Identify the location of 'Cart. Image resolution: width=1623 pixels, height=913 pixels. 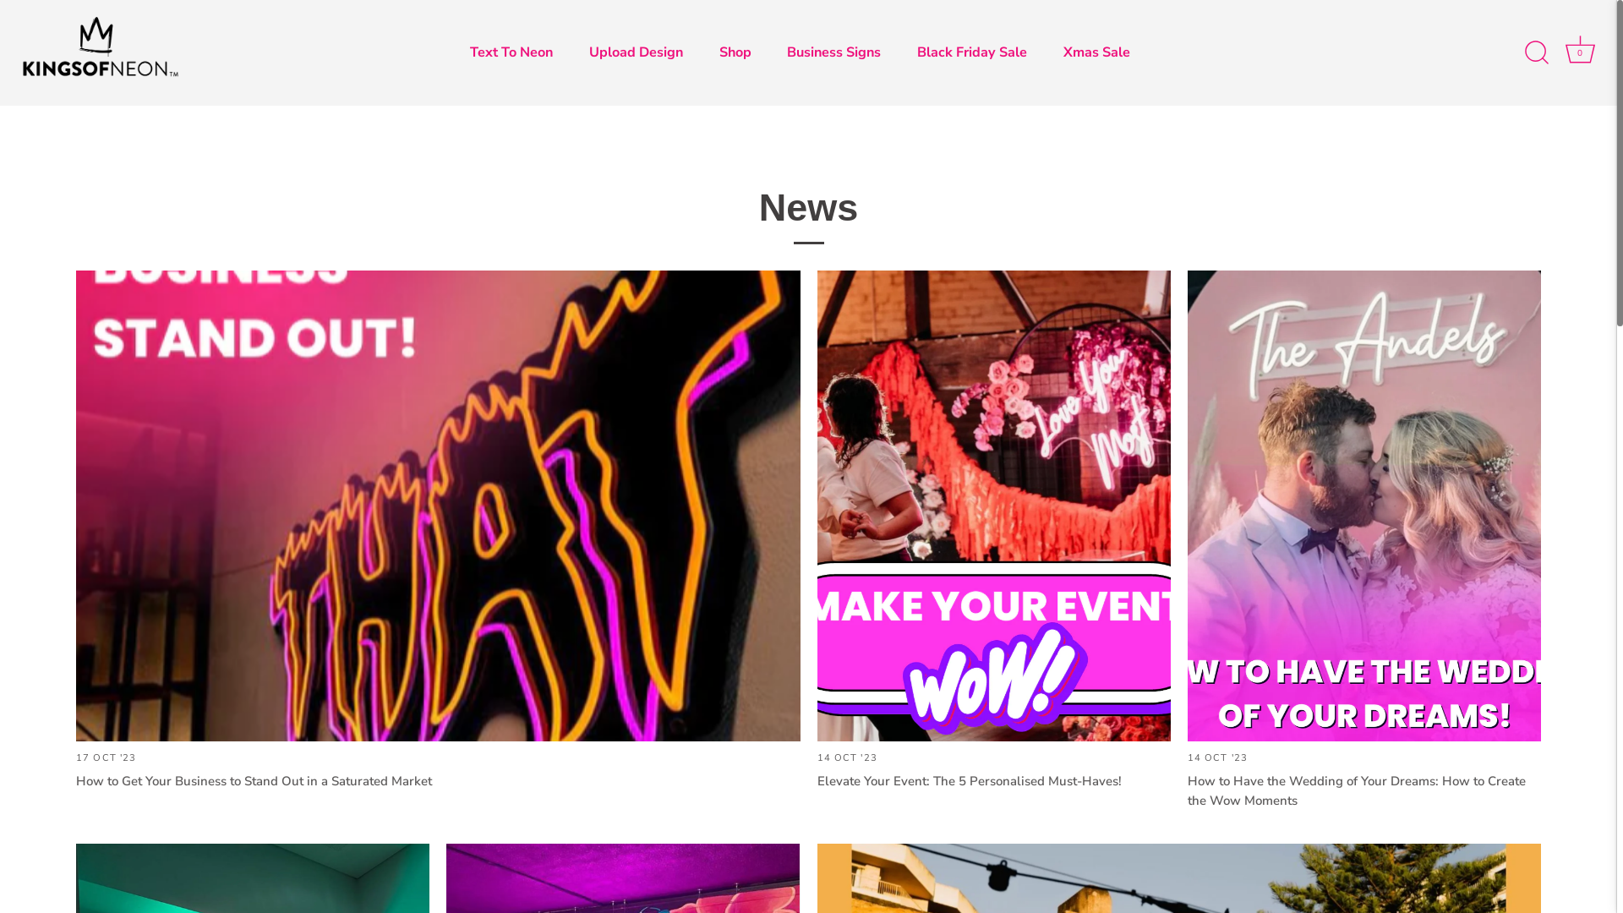
(1560, 52).